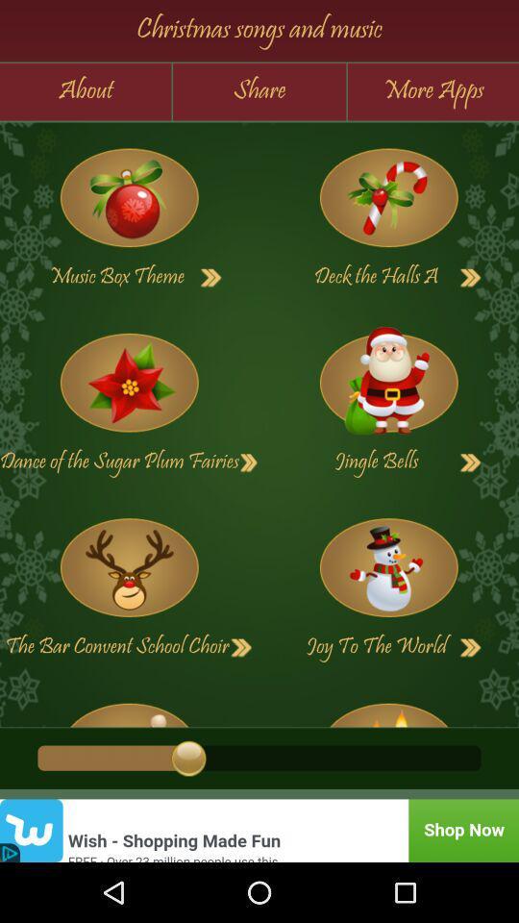 The width and height of the screenshot is (519, 923). What do you see at coordinates (129, 198) in the screenshot?
I see `song` at bounding box center [129, 198].